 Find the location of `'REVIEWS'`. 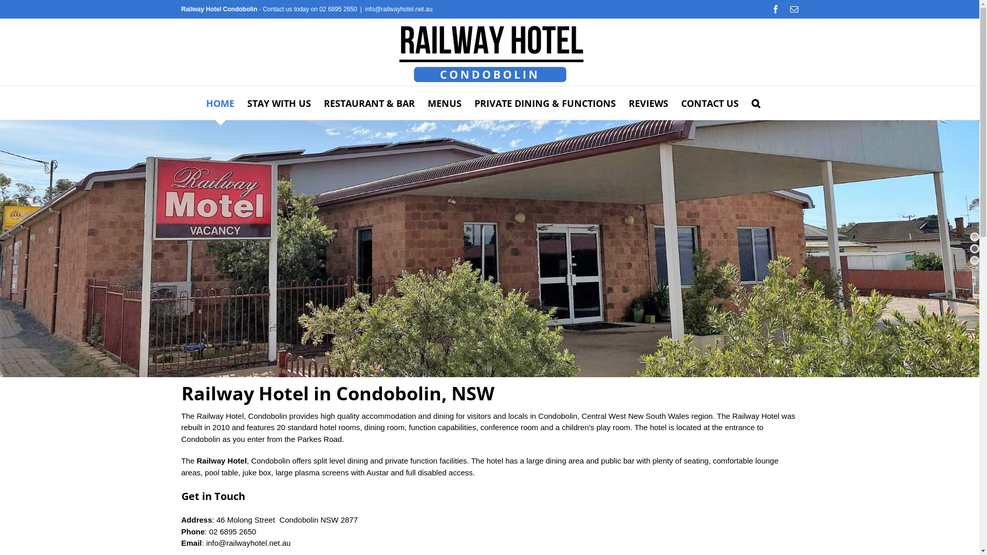

'REVIEWS' is located at coordinates (648, 103).